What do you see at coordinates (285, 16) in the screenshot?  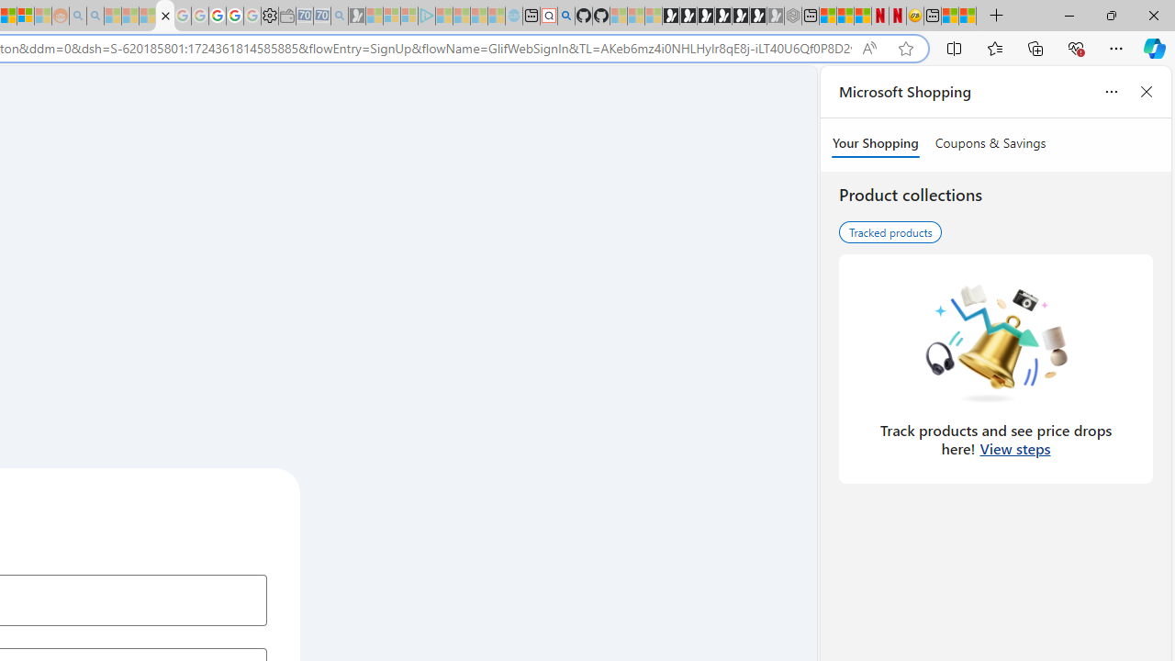 I see `'Wallet - Sleeping'` at bounding box center [285, 16].